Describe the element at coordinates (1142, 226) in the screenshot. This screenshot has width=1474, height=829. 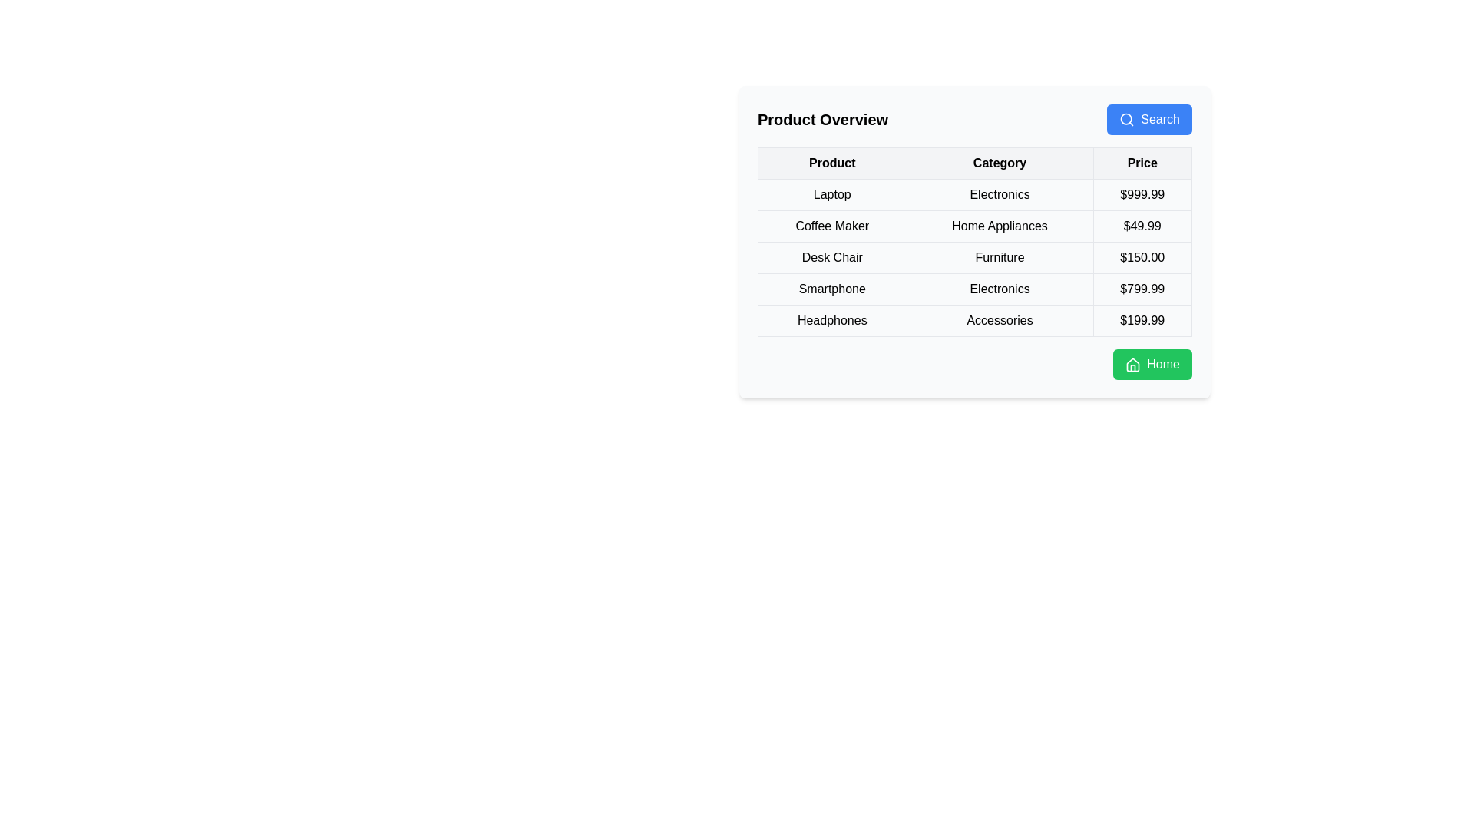
I see `the static text field displaying the price "$49.99" for the product "Coffee Maker" in the rightmost cell of its row` at that location.